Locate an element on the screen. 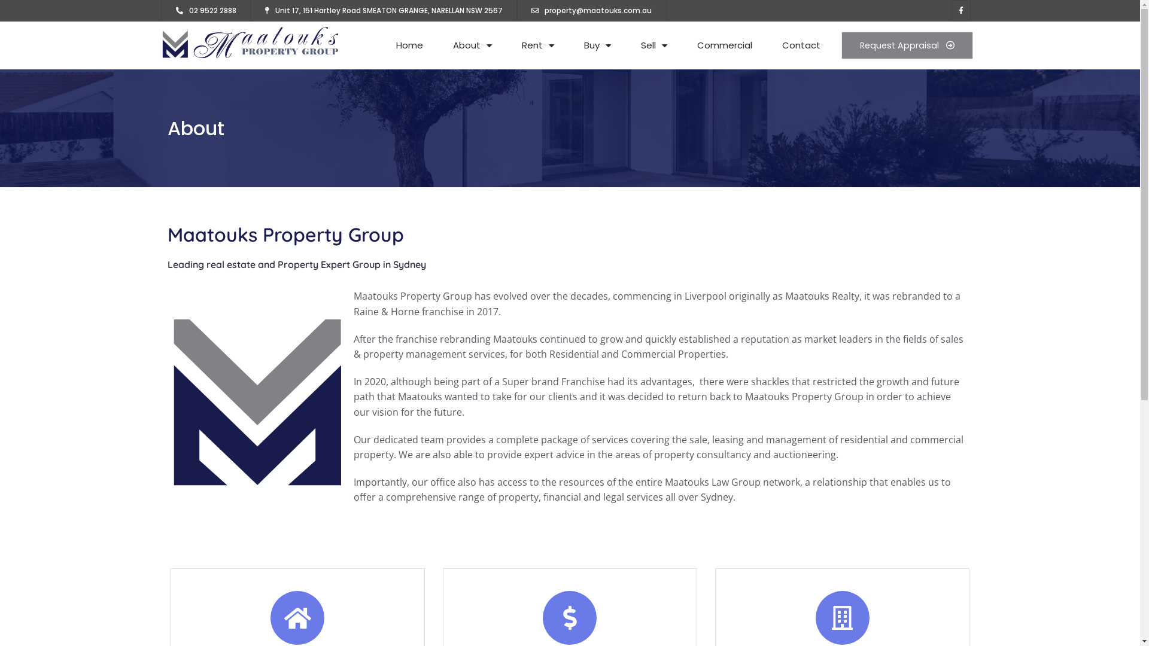 This screenshot has height=646, width=1149. 'About' is located at coordinates (472, 45).